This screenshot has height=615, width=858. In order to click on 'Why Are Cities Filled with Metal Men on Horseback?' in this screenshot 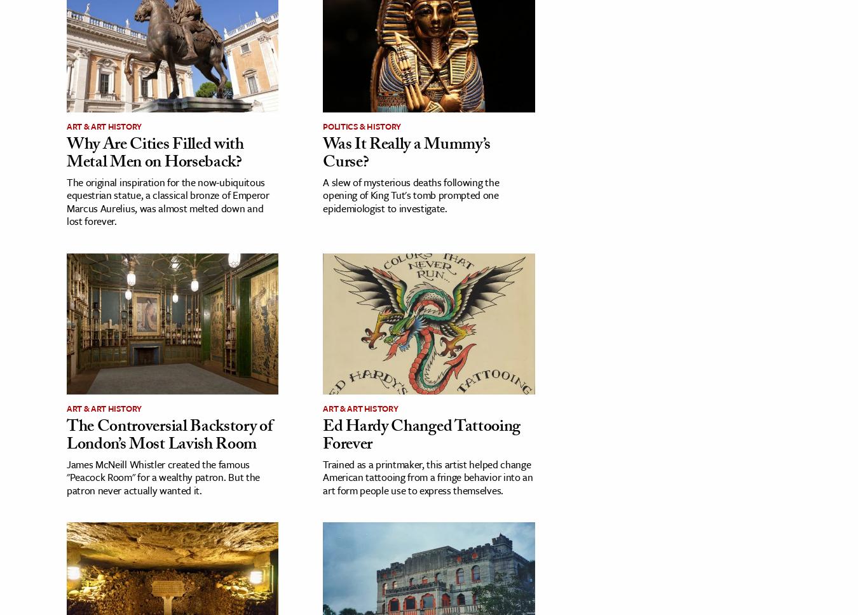, I will do `click(154, 154)`.